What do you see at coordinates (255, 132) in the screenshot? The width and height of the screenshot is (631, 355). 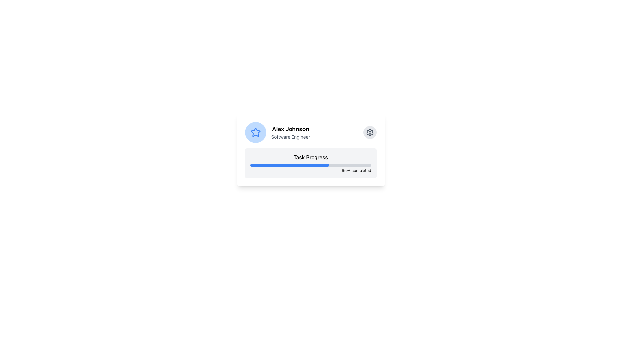 I see `the decorative Icon (SVG) located in the top-left corner of the component card that displays the user name, title, and progress bar` at bounding box center [255, 132].